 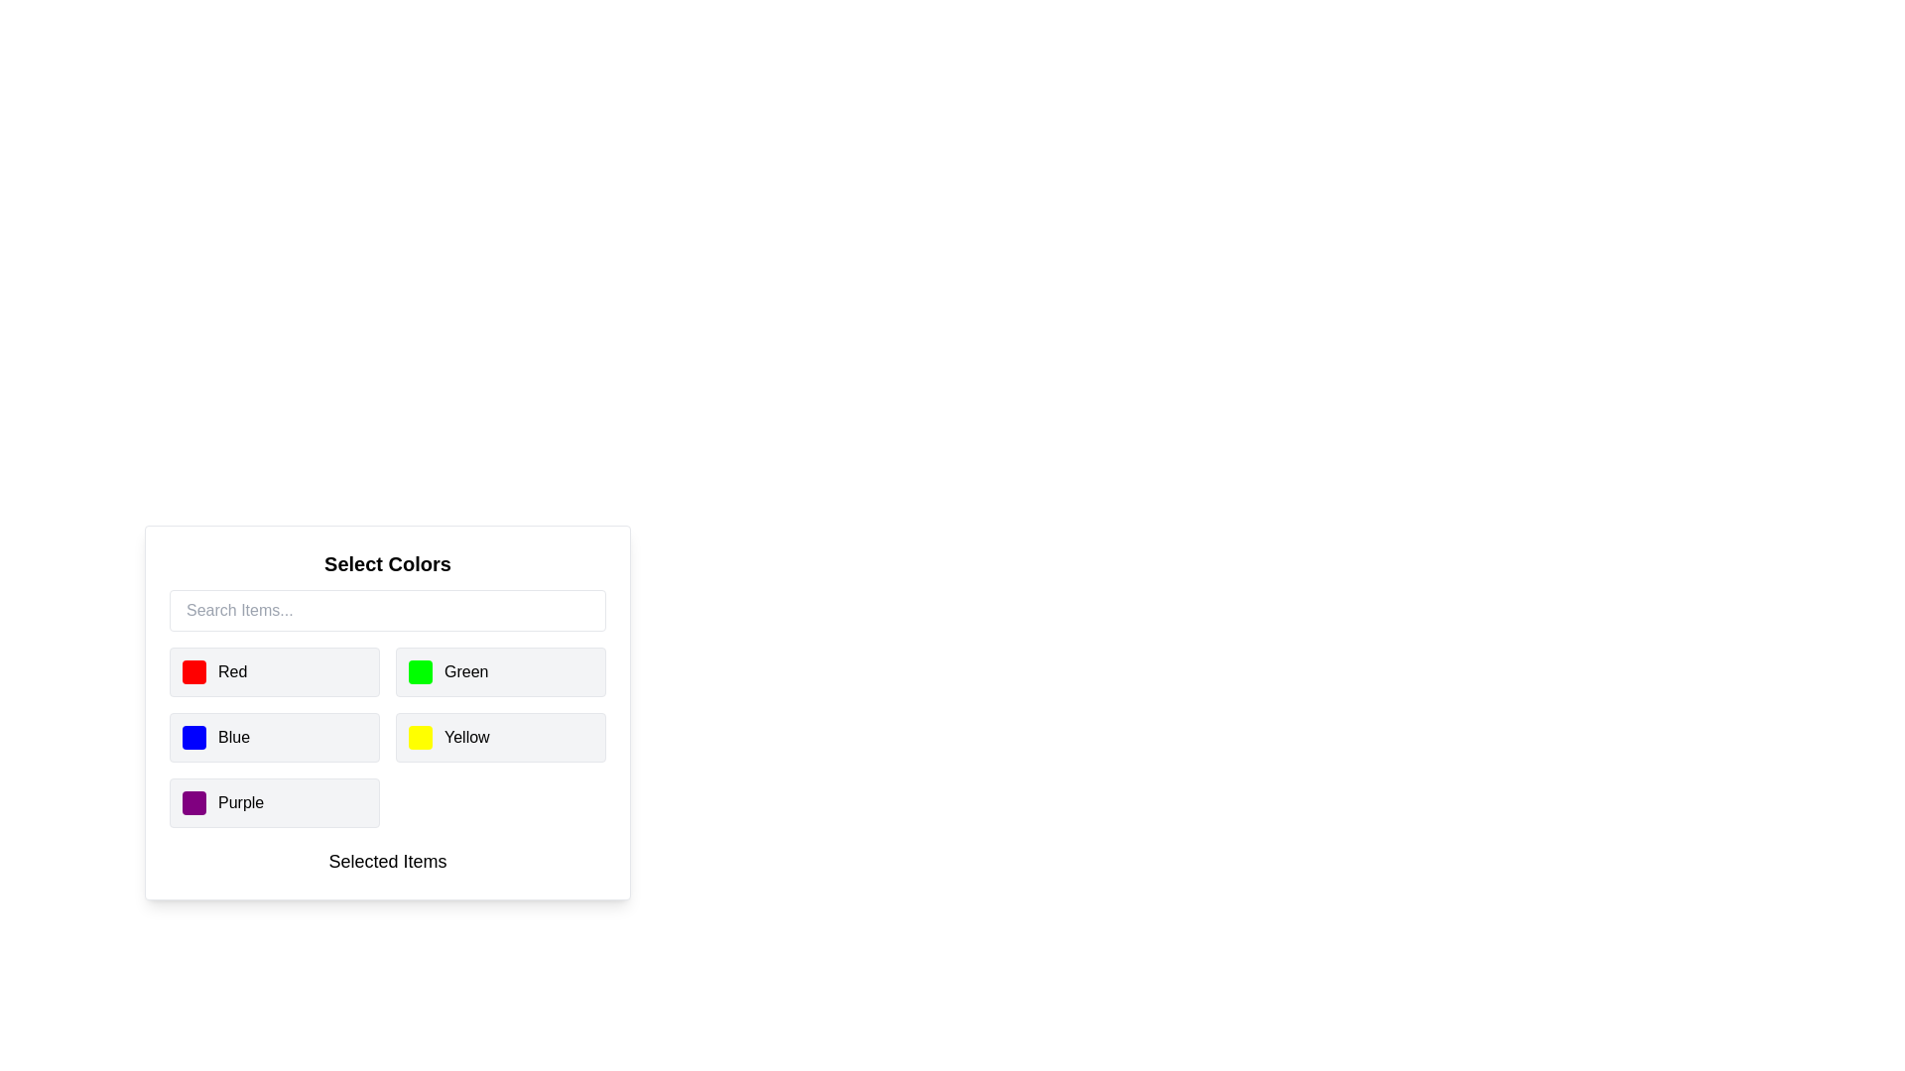 What do you see at coordinates (465, 671) in the screenshot?
I see `the text label displaying 'Green'` at bounding box center [465, 671].